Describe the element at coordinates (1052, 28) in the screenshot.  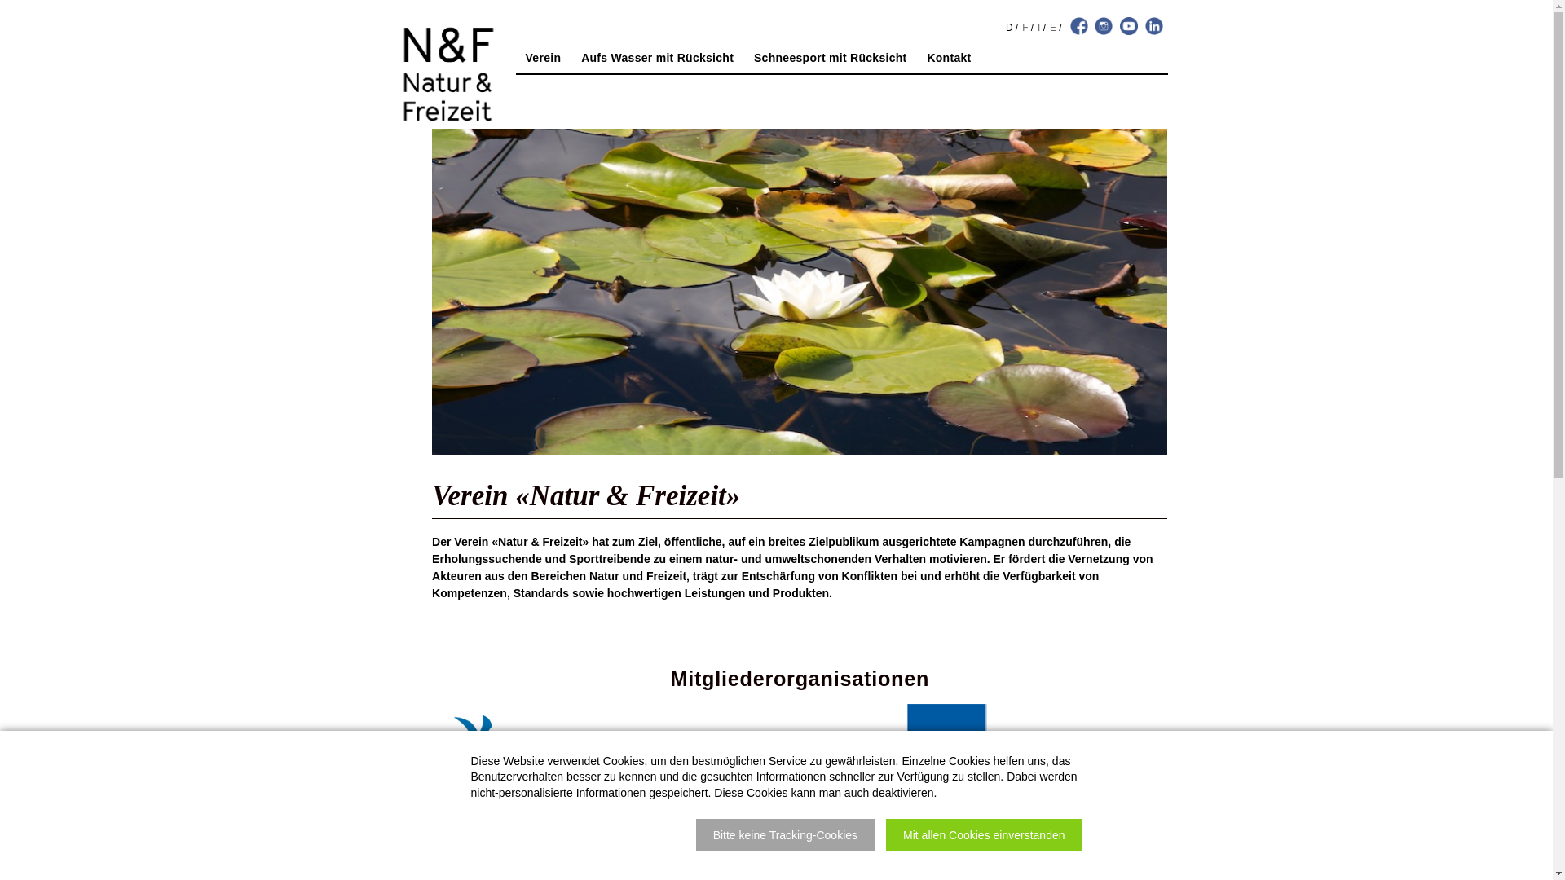
I see `'E'` at that location.